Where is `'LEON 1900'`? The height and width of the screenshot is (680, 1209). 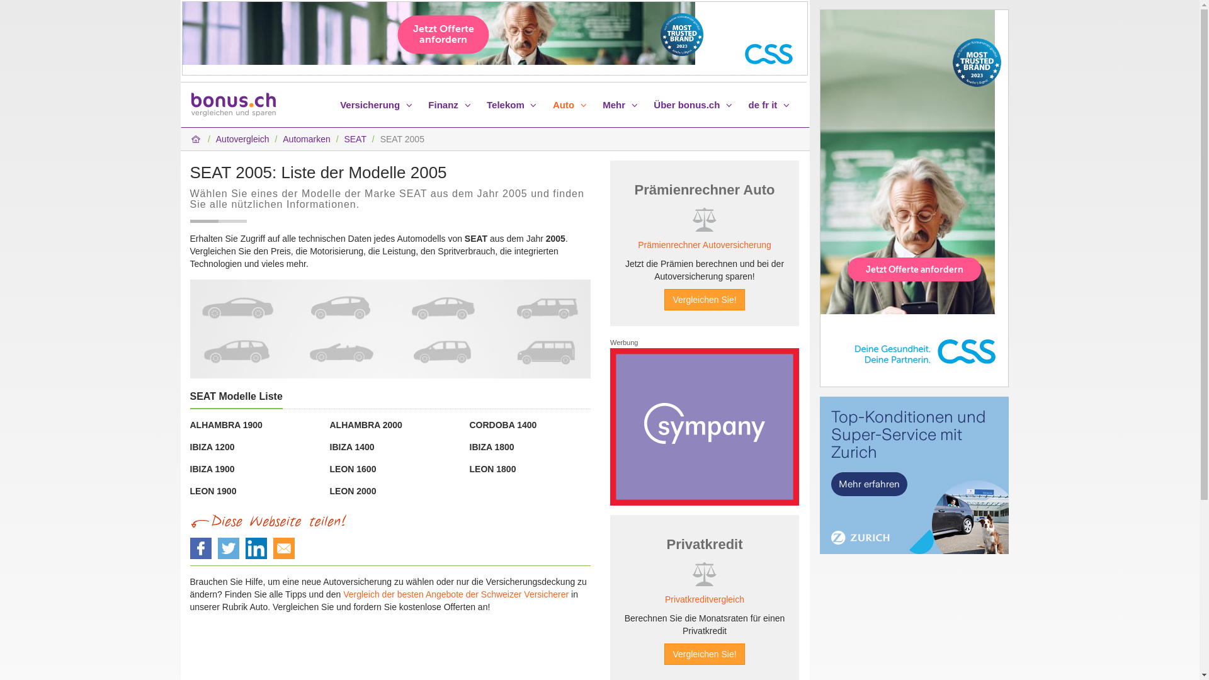
'LEON 1900' is located at coordinates (213, 490).